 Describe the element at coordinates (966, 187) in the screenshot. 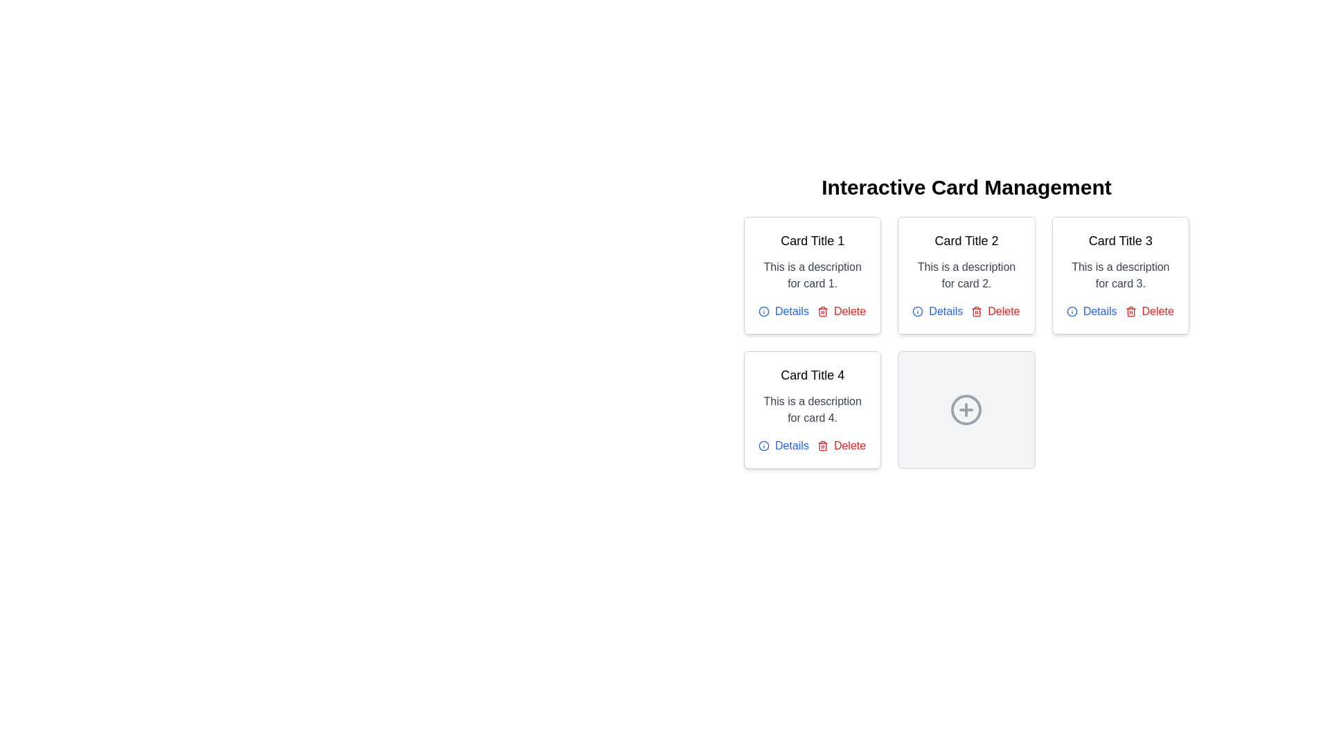

I see `header text located at the top center of the interface, which conveys the title or purpose of the current content` at that location.